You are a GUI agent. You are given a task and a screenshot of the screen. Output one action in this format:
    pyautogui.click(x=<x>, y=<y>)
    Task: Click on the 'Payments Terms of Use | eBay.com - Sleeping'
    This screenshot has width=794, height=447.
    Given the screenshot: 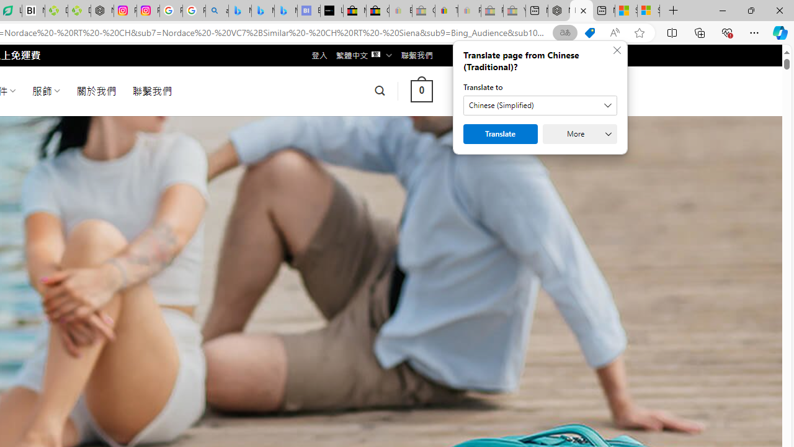 What is the action you would take?
    pyautogui.click(x=468, y=11)
    